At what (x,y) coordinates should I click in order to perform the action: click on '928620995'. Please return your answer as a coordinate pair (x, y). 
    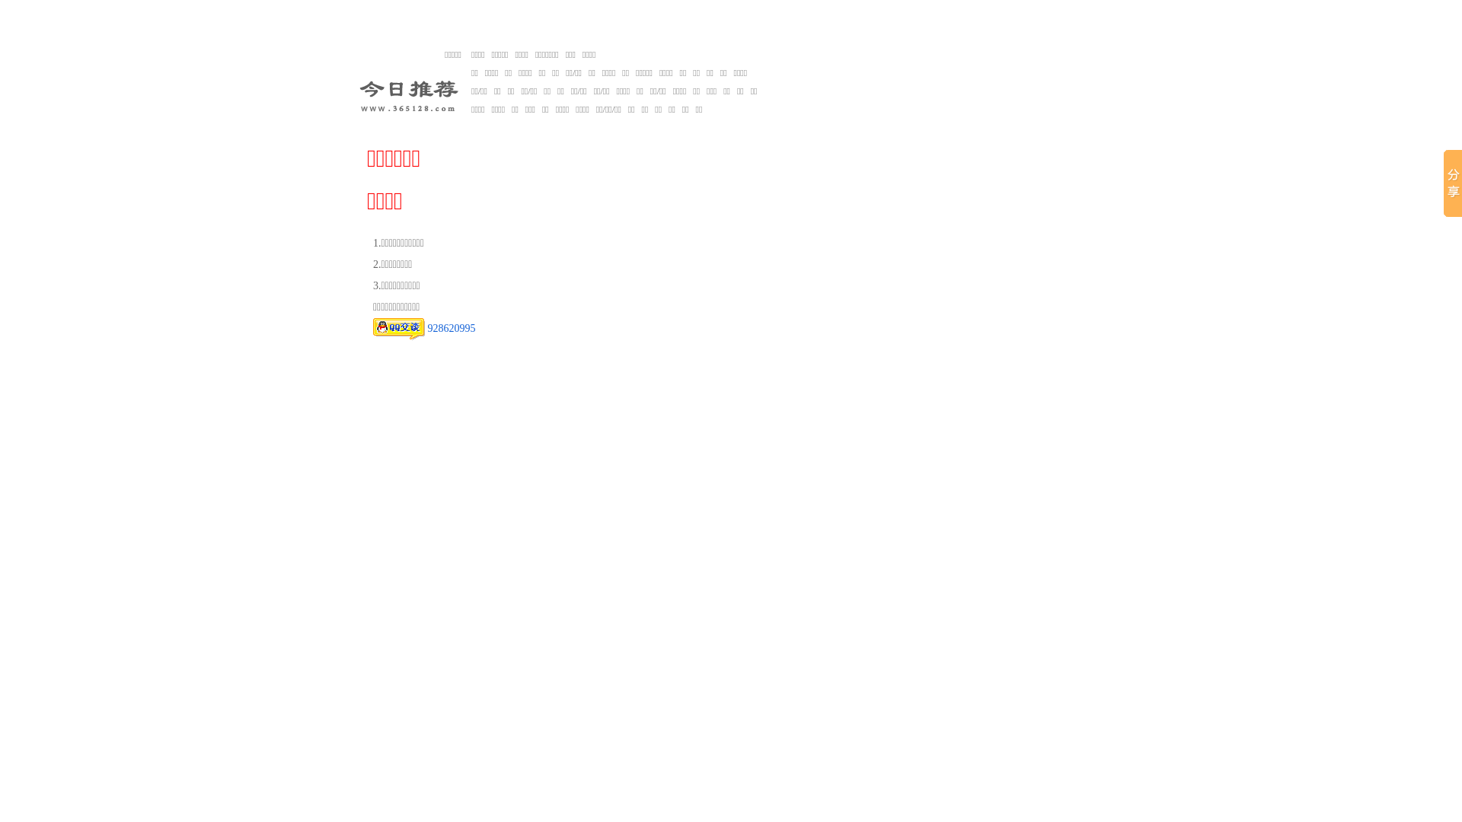
    Looking at the image, I should click on (424, 327).